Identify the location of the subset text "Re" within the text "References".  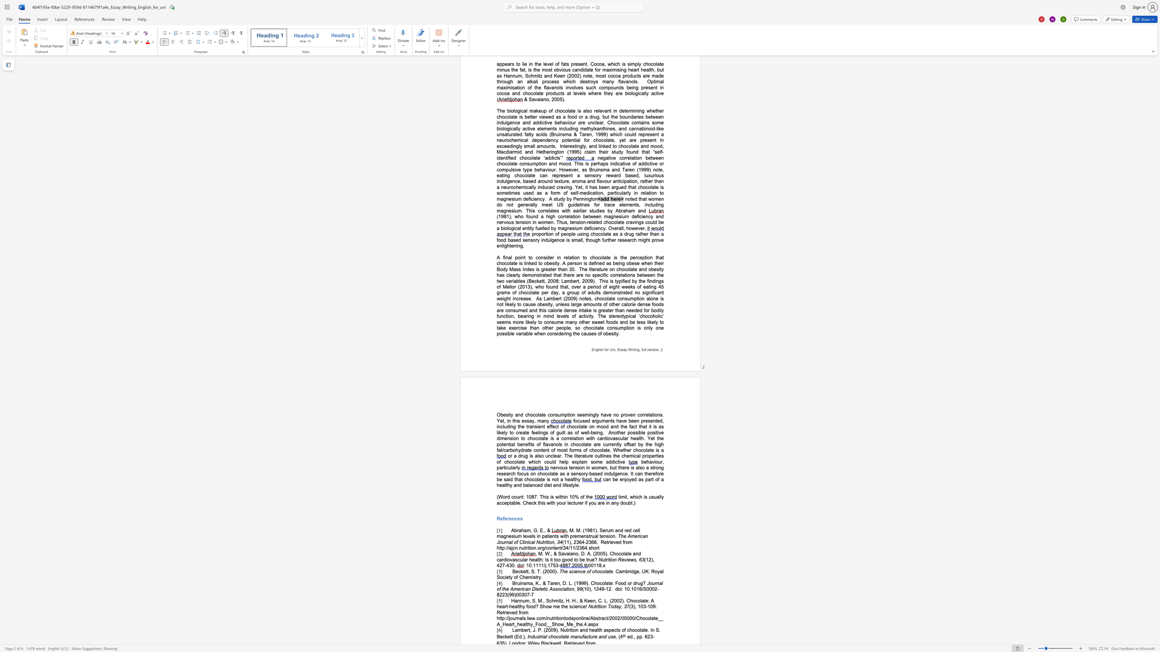
(497, 518).